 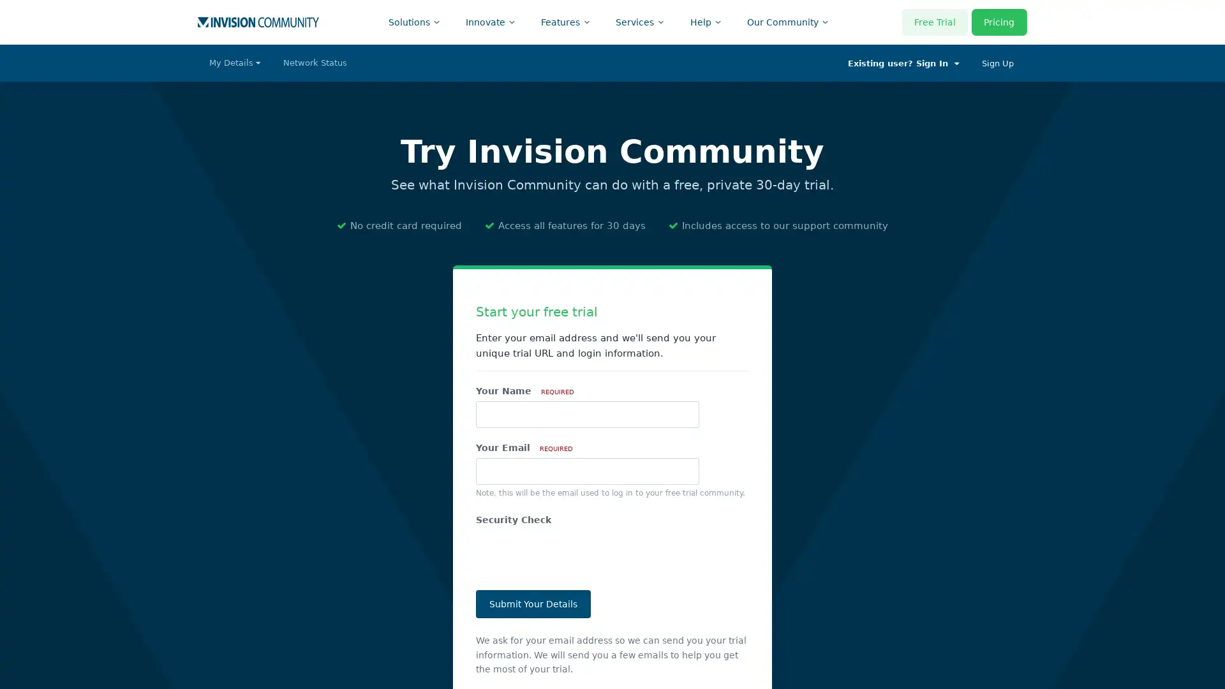 What do you see at coordinates (565, 22) in the screenshot?
I see `Features` at bounding box center [565, 22].